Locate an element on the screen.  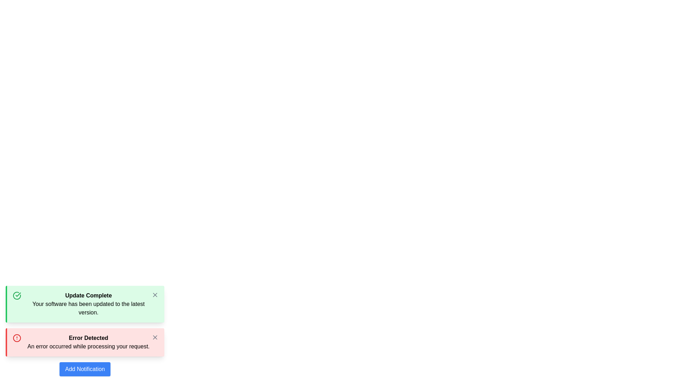
error notification title displayed in the Text Label located at the top of the notification panel with a light red background is located at coordinates (88, 338).